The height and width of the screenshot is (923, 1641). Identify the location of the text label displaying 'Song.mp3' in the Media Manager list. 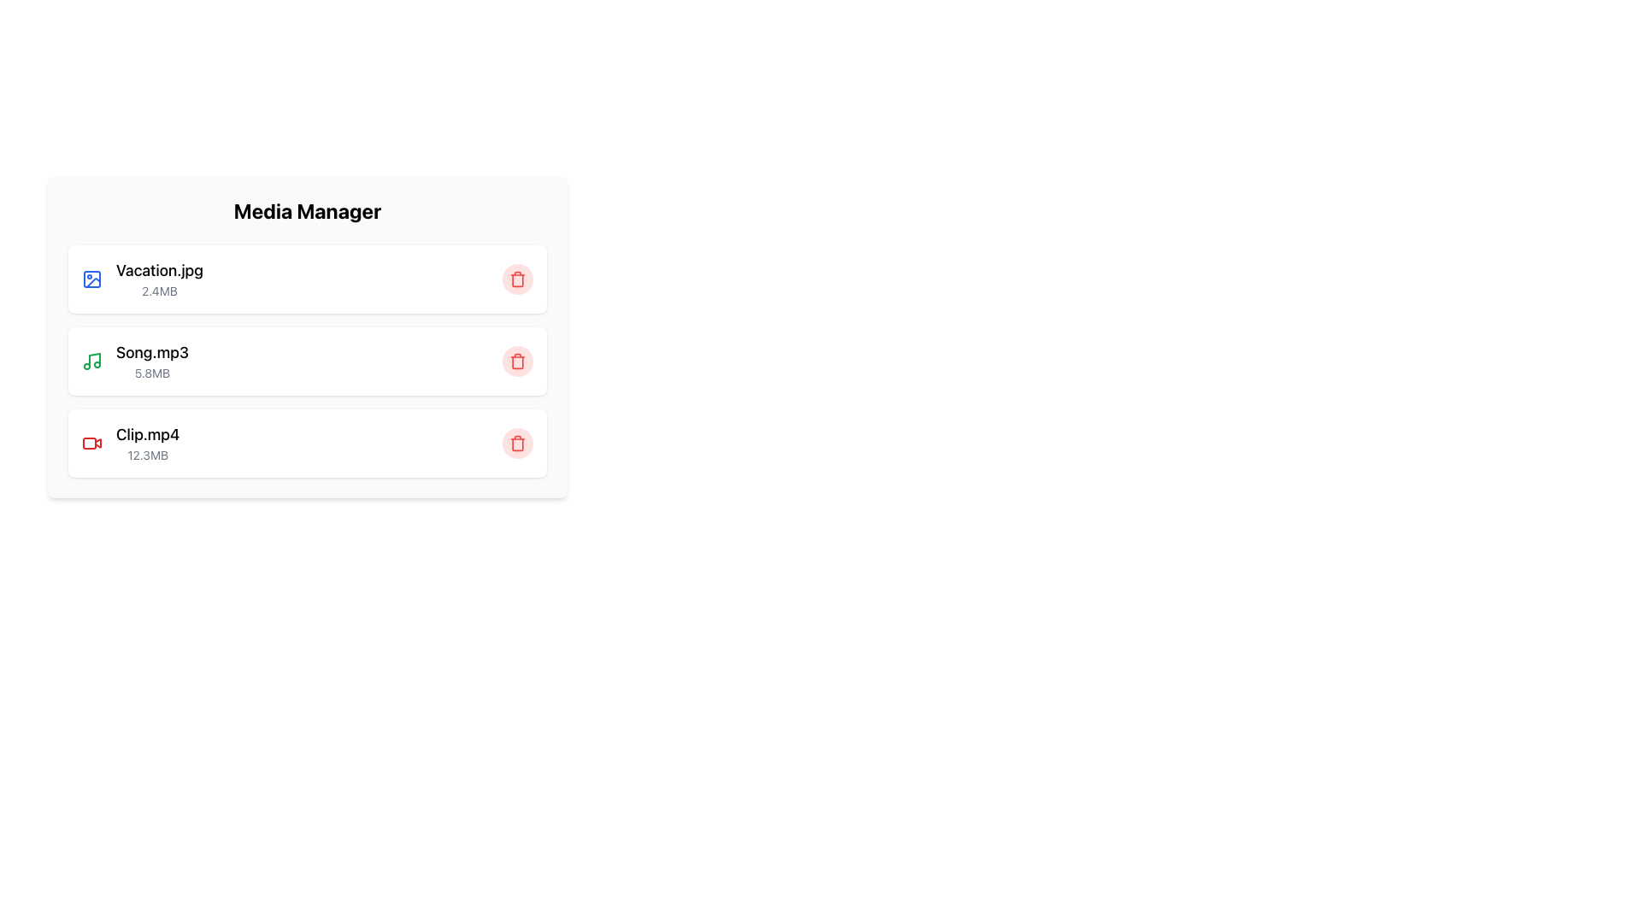
(152, 361).